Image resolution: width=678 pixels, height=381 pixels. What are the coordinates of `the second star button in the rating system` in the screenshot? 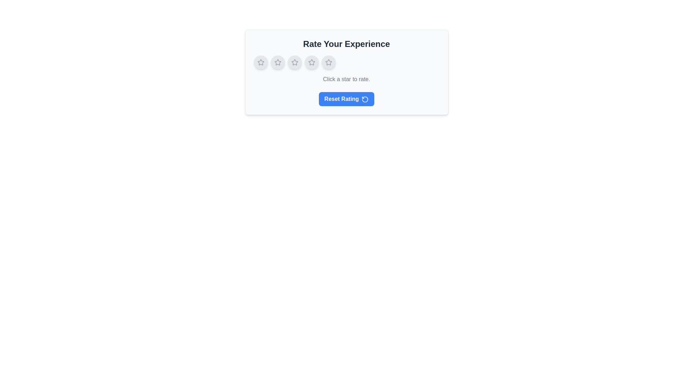 It's located at (277, 62).